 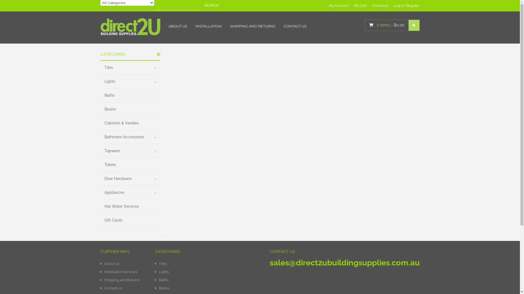 I want to click on '0 items - $0.00', so click(x=392, y=25).